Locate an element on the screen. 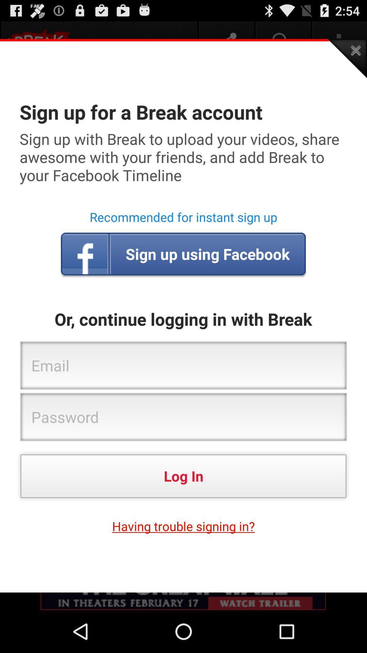  e-mail address is located at coordinates (183, 366).